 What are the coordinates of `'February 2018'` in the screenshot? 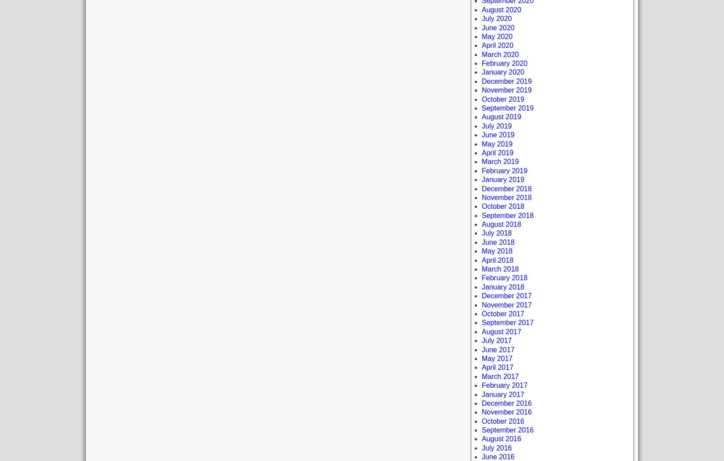 It's located at (505, 277).